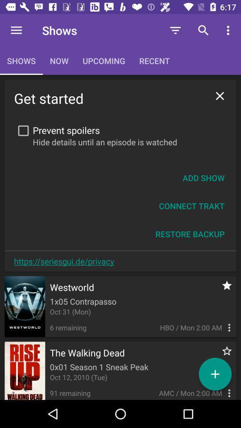 This screenshot has height=428, width=241. Describe the element at coordinates (221, 289) in the screenshot. I see `the icon next to westworld icon` at that location.